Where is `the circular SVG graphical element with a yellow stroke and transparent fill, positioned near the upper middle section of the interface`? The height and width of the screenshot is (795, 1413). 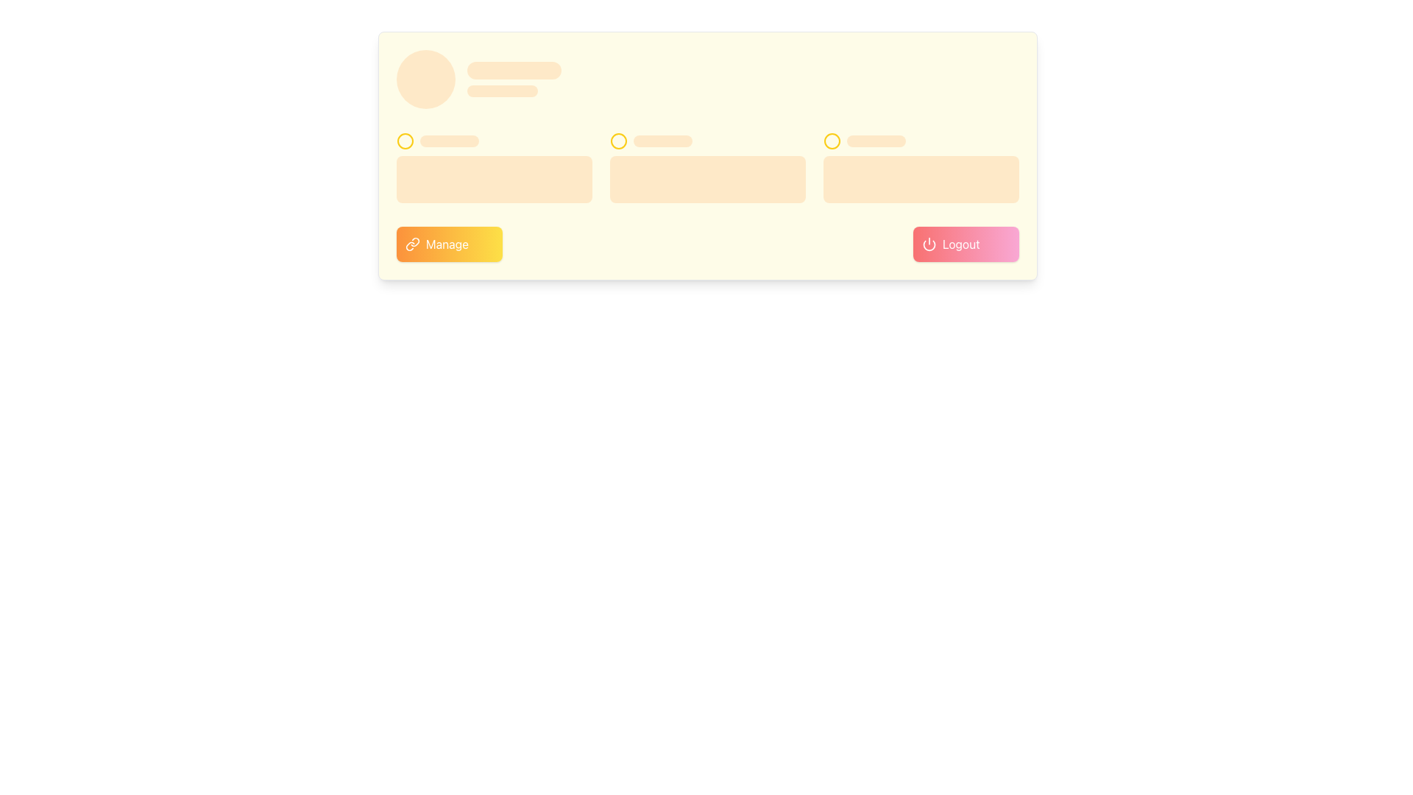
the circular SVG graphical element with a yellow stroke and transparent fill, positioned near the upper middle section of the interface is located at coordinates (832, 141).